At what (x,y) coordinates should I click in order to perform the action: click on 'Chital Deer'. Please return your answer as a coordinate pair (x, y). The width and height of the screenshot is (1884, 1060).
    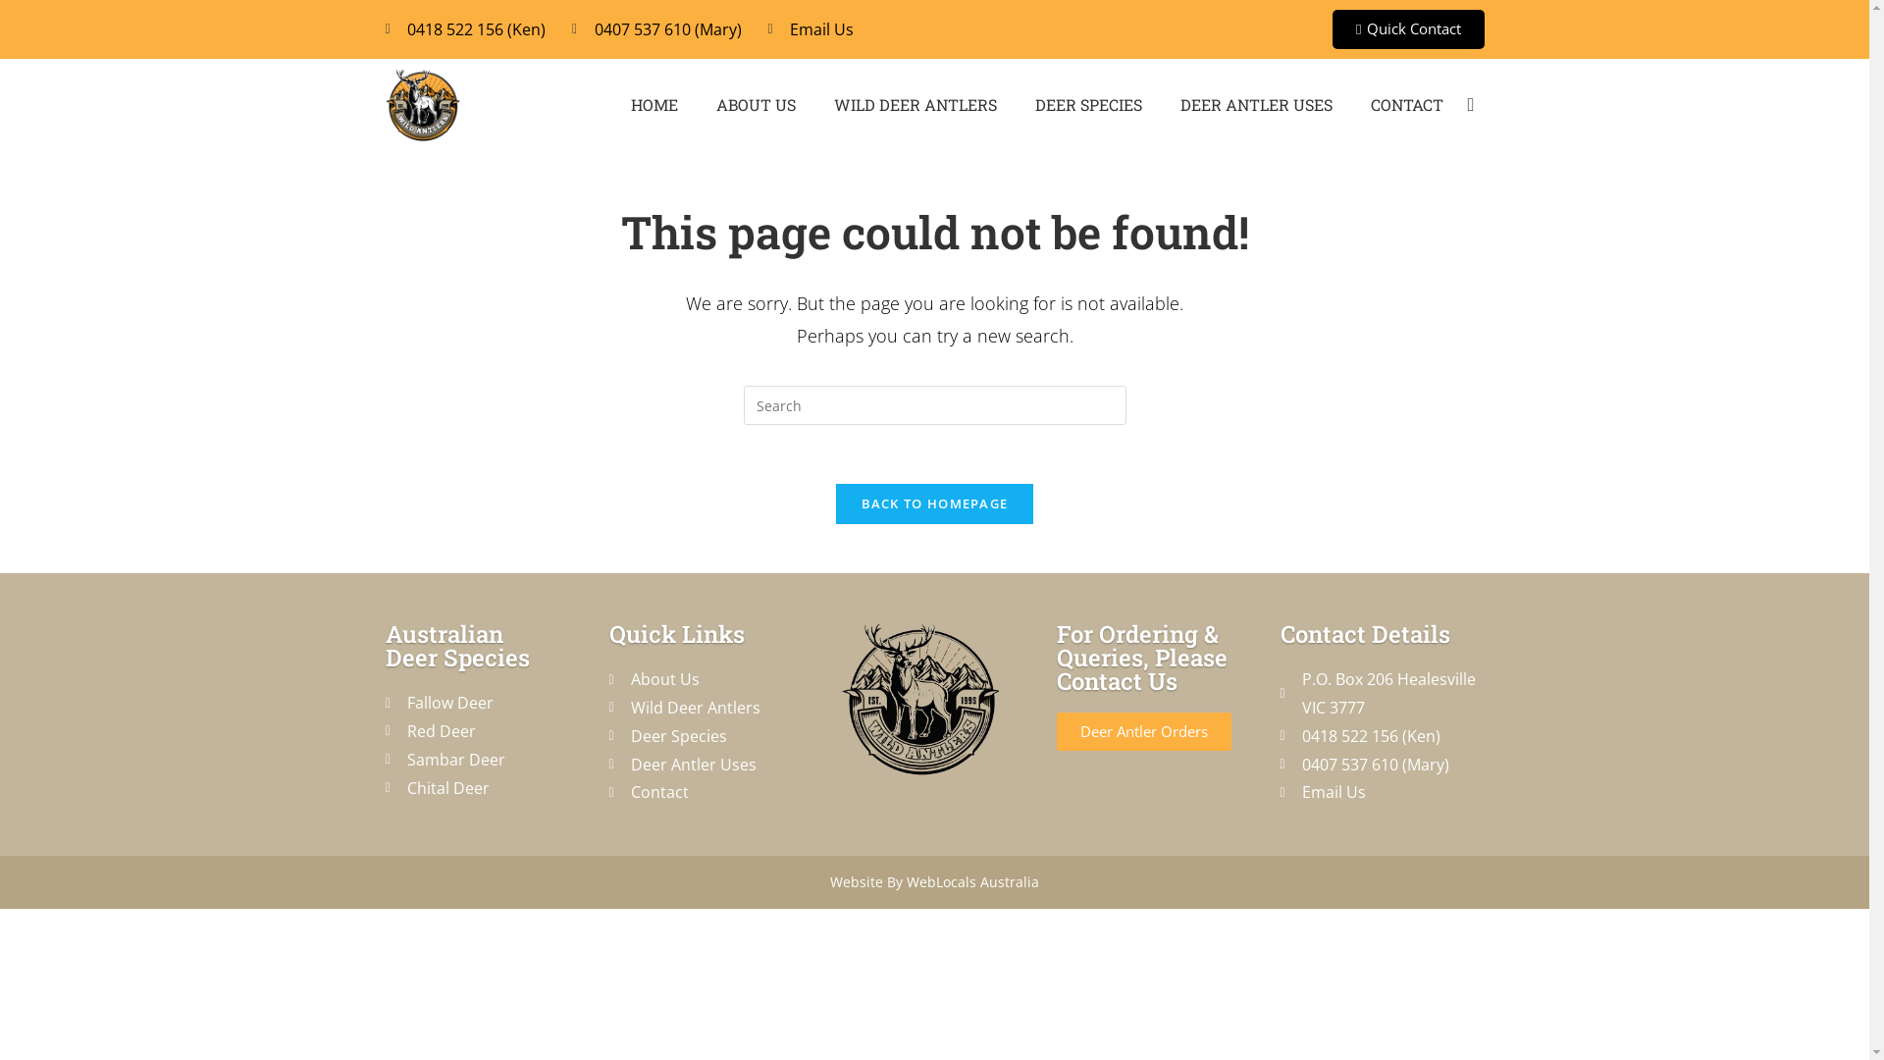
    Looking at the image, I should click on (385, 787).